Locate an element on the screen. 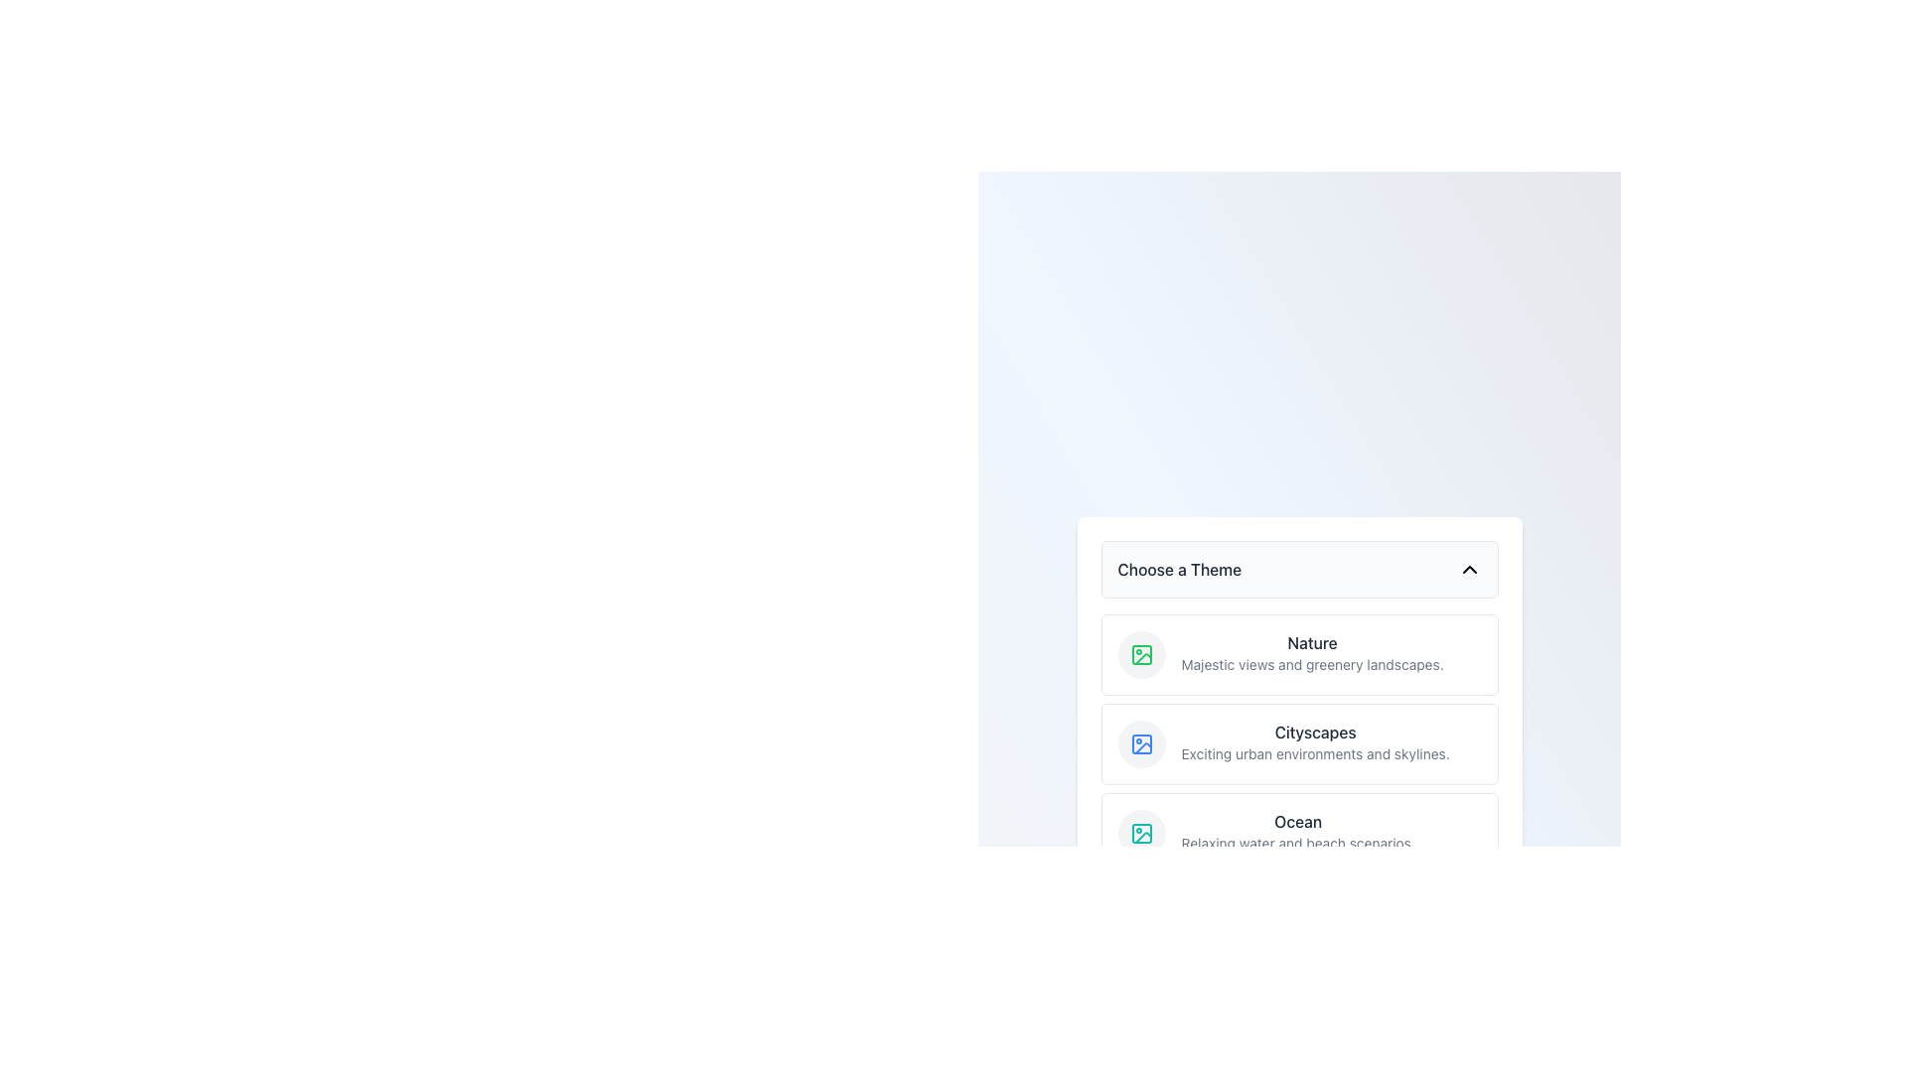 The image size is (1907, 1072). text label displaying the word 'Nature' in a medium-size dark gray font, located at the top of a list in a card layout above the description text is located at coordinates (1312, 643).